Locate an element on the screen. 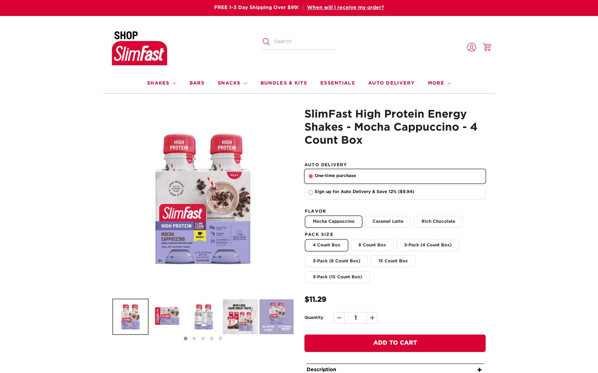 This screenshot has width=598, height=373. '$9.94' is located at coordinates (406, 192).